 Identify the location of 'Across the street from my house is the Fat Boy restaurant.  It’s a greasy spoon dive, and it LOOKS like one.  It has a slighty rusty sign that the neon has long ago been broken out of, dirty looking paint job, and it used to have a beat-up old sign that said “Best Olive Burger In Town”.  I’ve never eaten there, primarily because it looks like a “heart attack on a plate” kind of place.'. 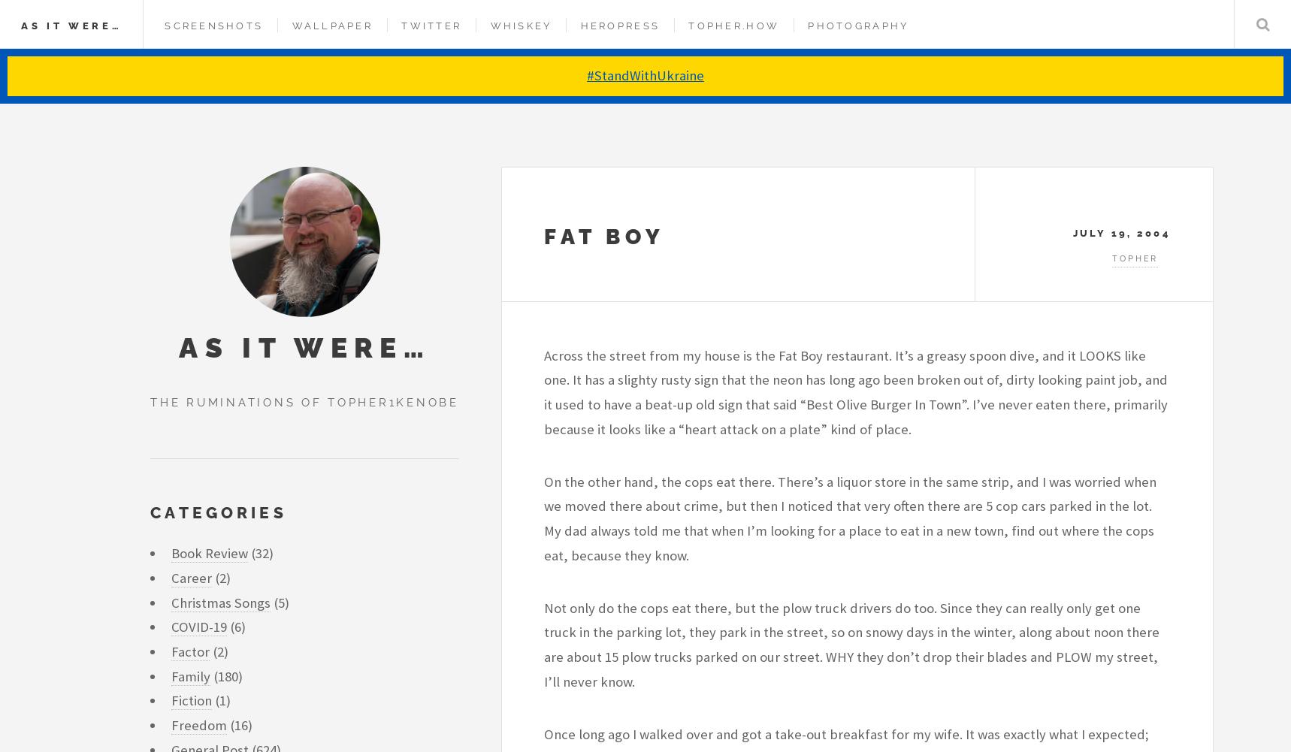
(856, 391).